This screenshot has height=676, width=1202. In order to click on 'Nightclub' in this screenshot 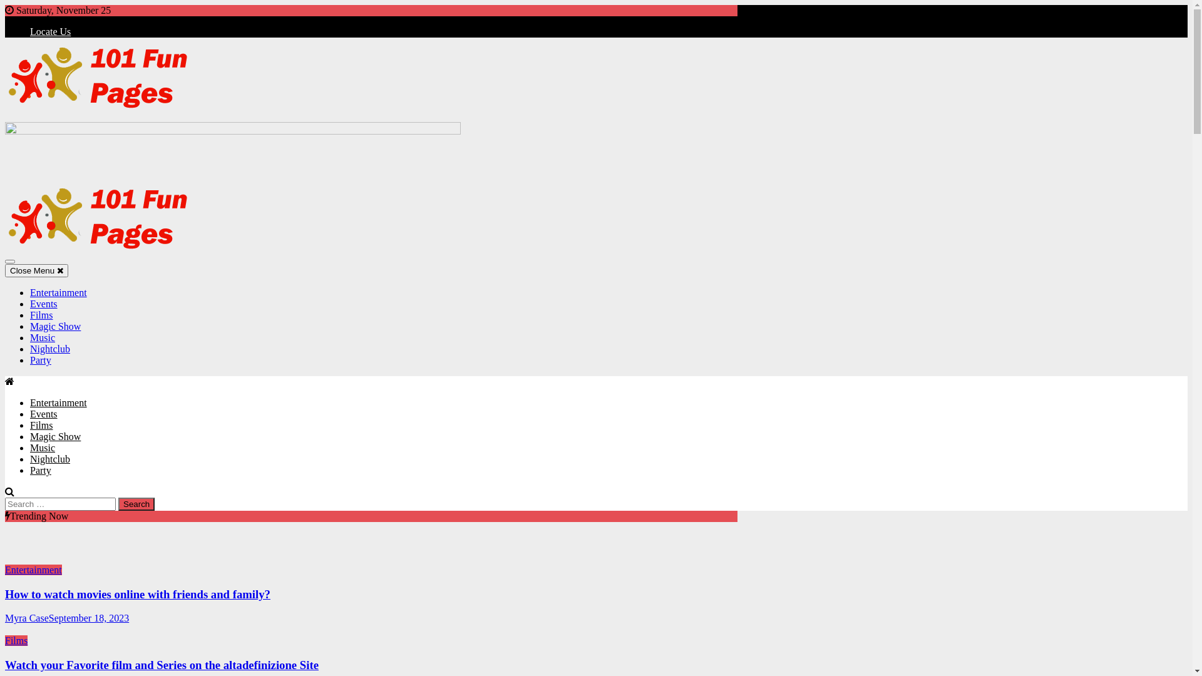, I will do `click(50, 349)`.